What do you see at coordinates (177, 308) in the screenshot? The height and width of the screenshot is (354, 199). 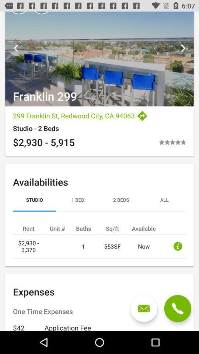 I see `the call icon` at bounding box center [177, 308].